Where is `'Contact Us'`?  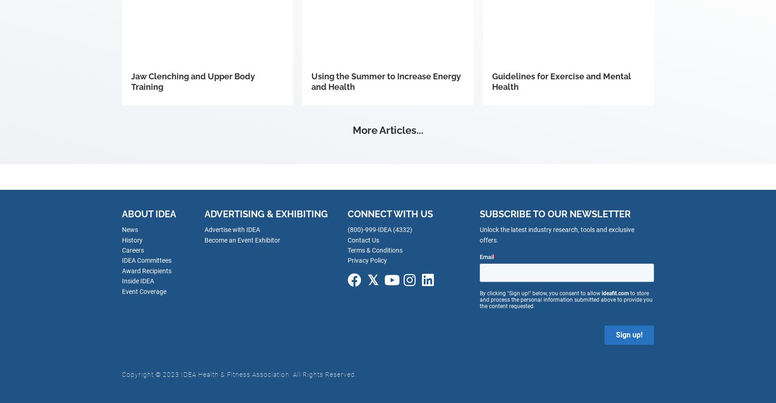 'Contact Us' is located at coordinates (363, 240).